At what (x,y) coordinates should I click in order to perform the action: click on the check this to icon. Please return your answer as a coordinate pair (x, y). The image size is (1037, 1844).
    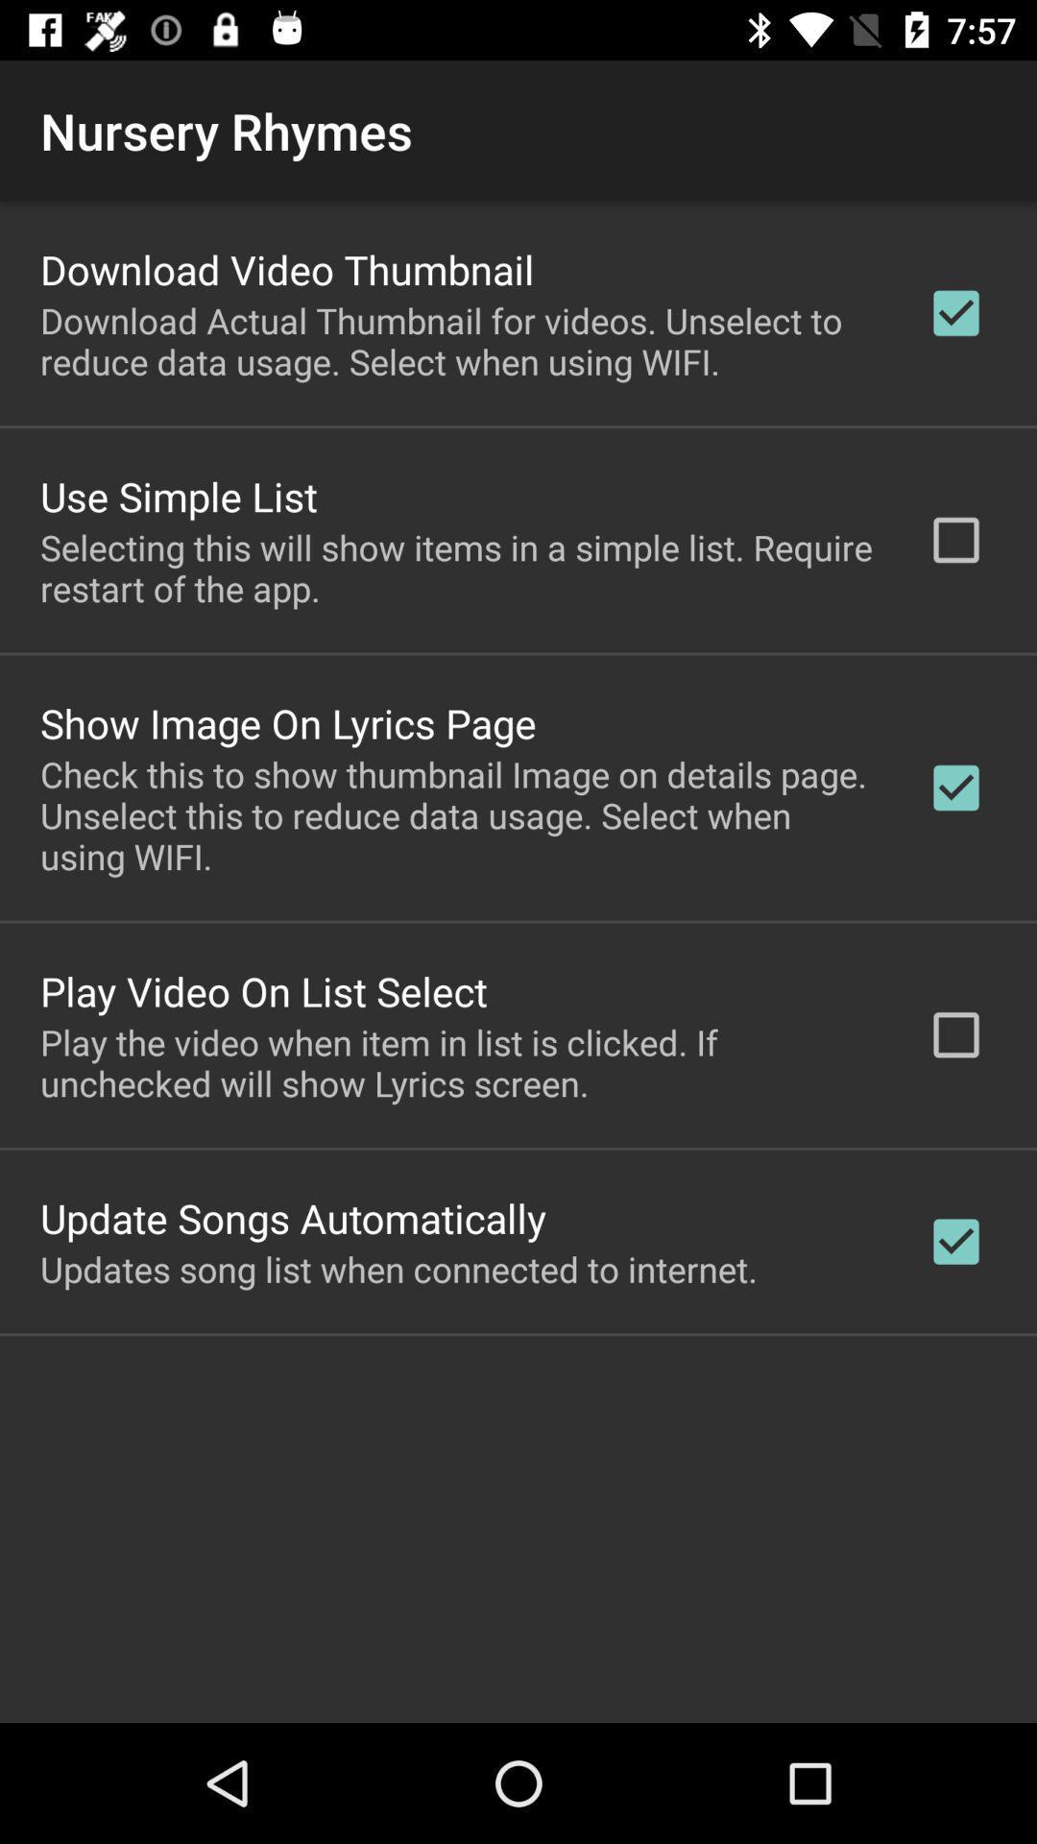
    Looking at the image, I should click on (458, 815).